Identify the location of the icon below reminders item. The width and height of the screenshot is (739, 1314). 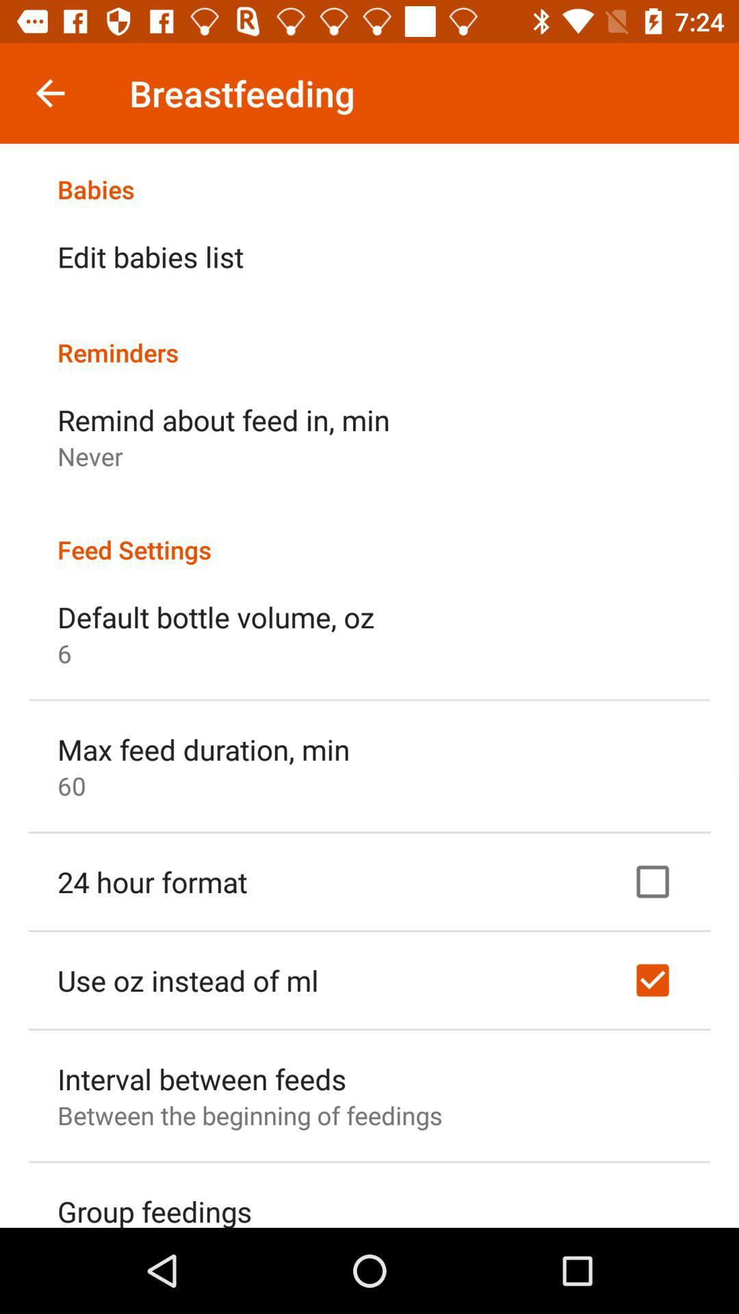
(223, 419).